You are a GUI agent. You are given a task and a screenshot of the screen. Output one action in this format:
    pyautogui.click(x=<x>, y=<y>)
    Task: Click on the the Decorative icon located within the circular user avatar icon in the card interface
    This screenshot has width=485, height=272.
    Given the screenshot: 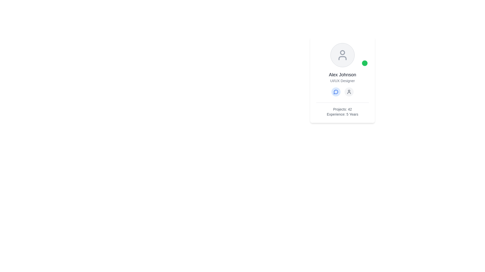 What is the action you would take?
    pyautogui.click(x=343, y=58)
    